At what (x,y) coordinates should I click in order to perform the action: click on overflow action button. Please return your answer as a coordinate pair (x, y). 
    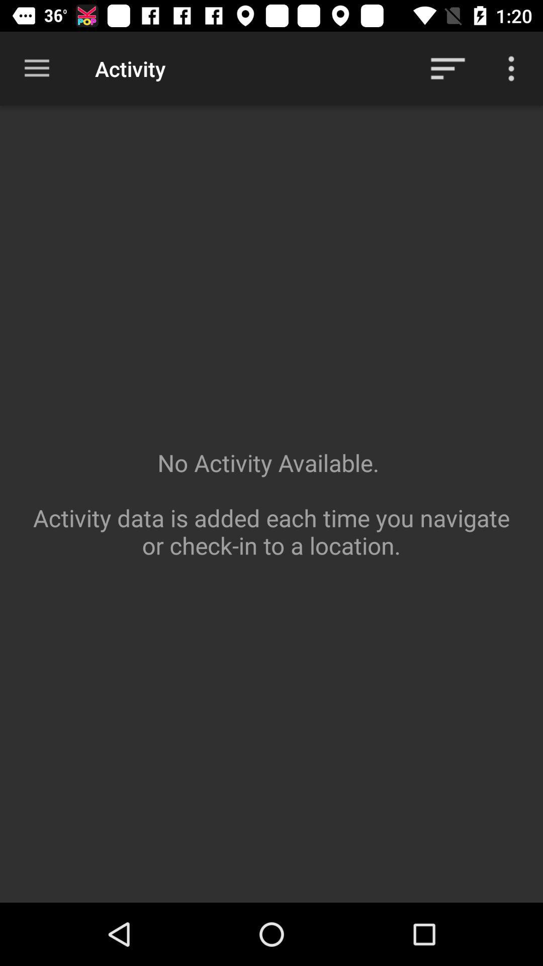
    Looking at the image, I should click on (511, 68).